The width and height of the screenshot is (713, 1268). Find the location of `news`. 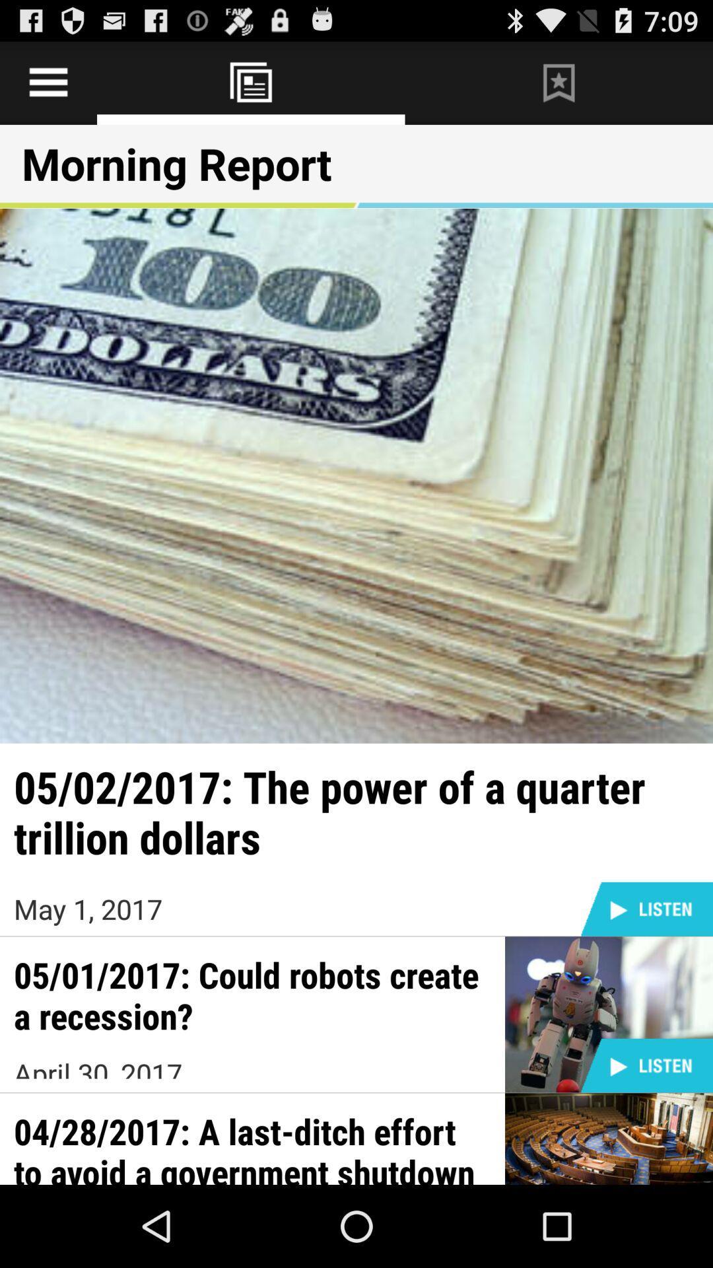

news is located at coordinates (251, 82).